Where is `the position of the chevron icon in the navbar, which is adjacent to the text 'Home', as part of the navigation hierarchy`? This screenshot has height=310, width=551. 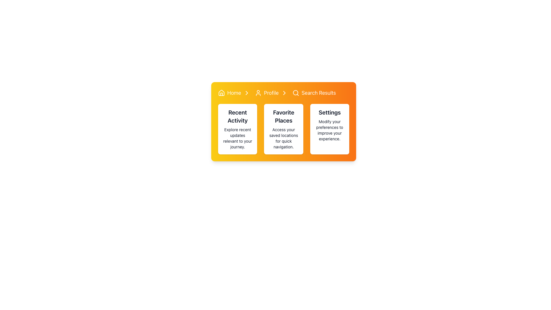 the position of the chevron icon in the navbar, which is adjacent to the text 'Home', as part of the navigation hierarchy is located at coordinates (284, 93).